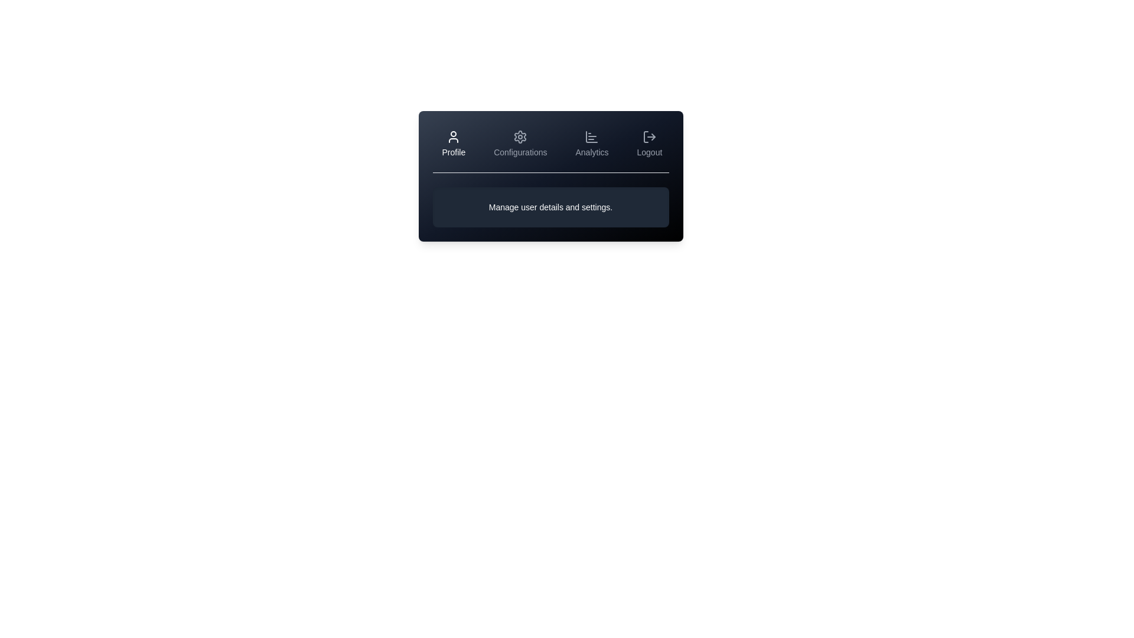  I want to click on the tab labeled Profile, so click(453, 143).